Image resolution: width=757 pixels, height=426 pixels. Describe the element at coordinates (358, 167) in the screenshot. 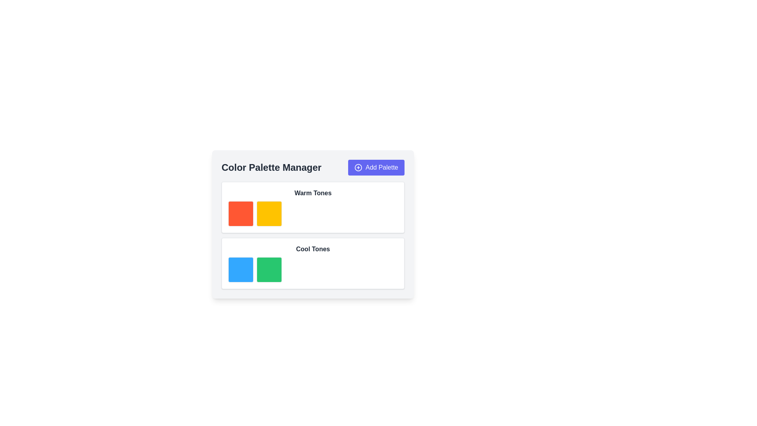

I see `the vector icon of a circle with a plus sign, which is part of the 'Add Palette' button located in the top-right corner of the application layout` at that location.